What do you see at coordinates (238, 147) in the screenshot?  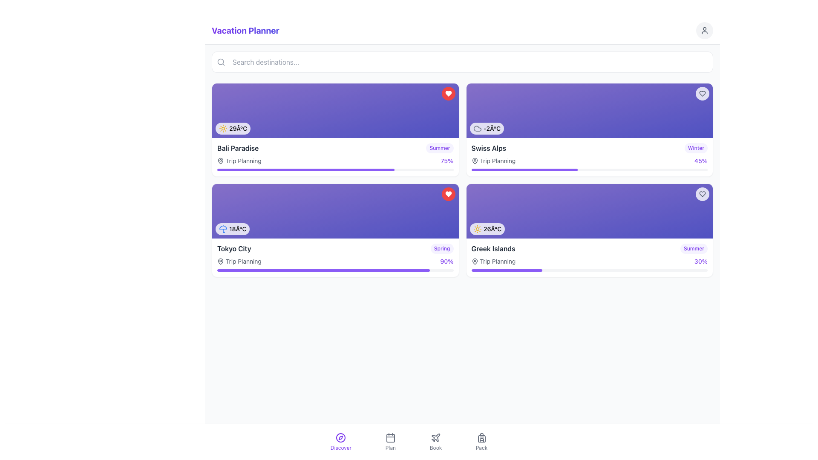 I see `the travel destination` at bounding box center [238, 147].